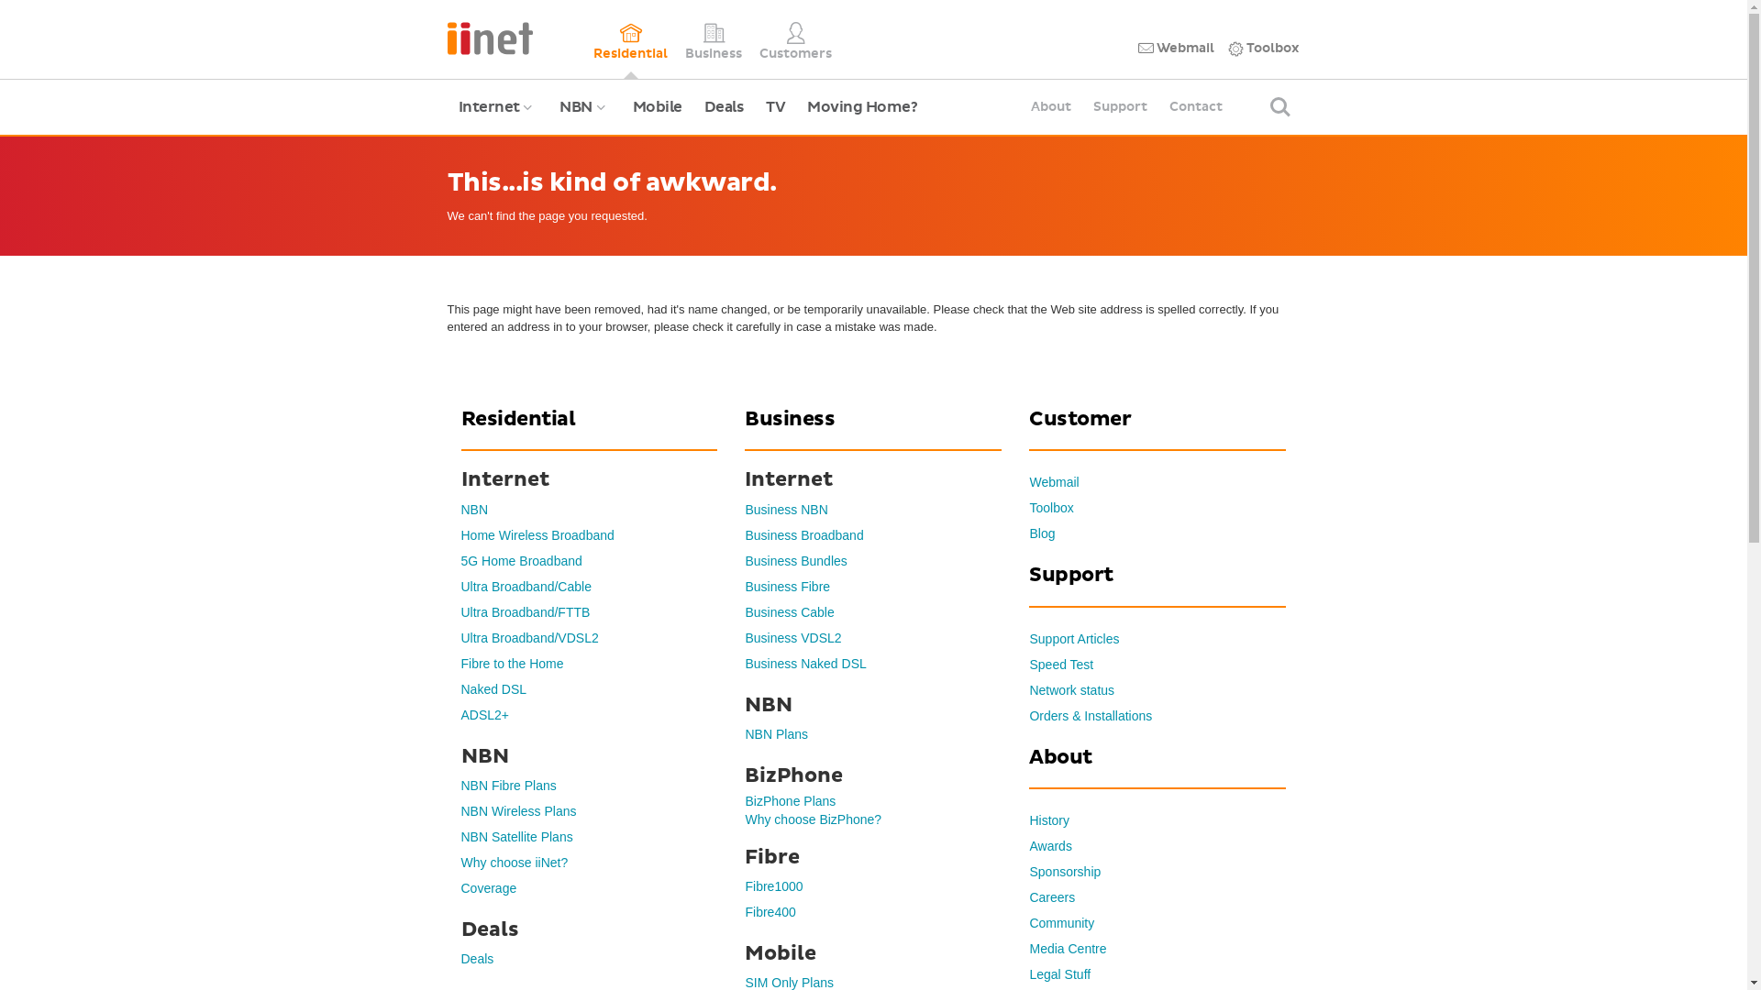 This screenshot has width=1761, height=990. What do you see at coordinates (511, 664) in the screenshot?
I see `'Fibre to the Home'` at bounding box center [511, 664].